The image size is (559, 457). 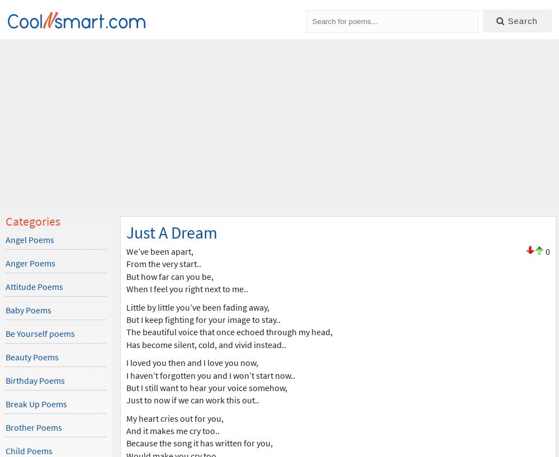 What do you see at coordinates (6, 263) in the screenshot?
I see `'Anger Poems'` at bounding box center [6, 263].